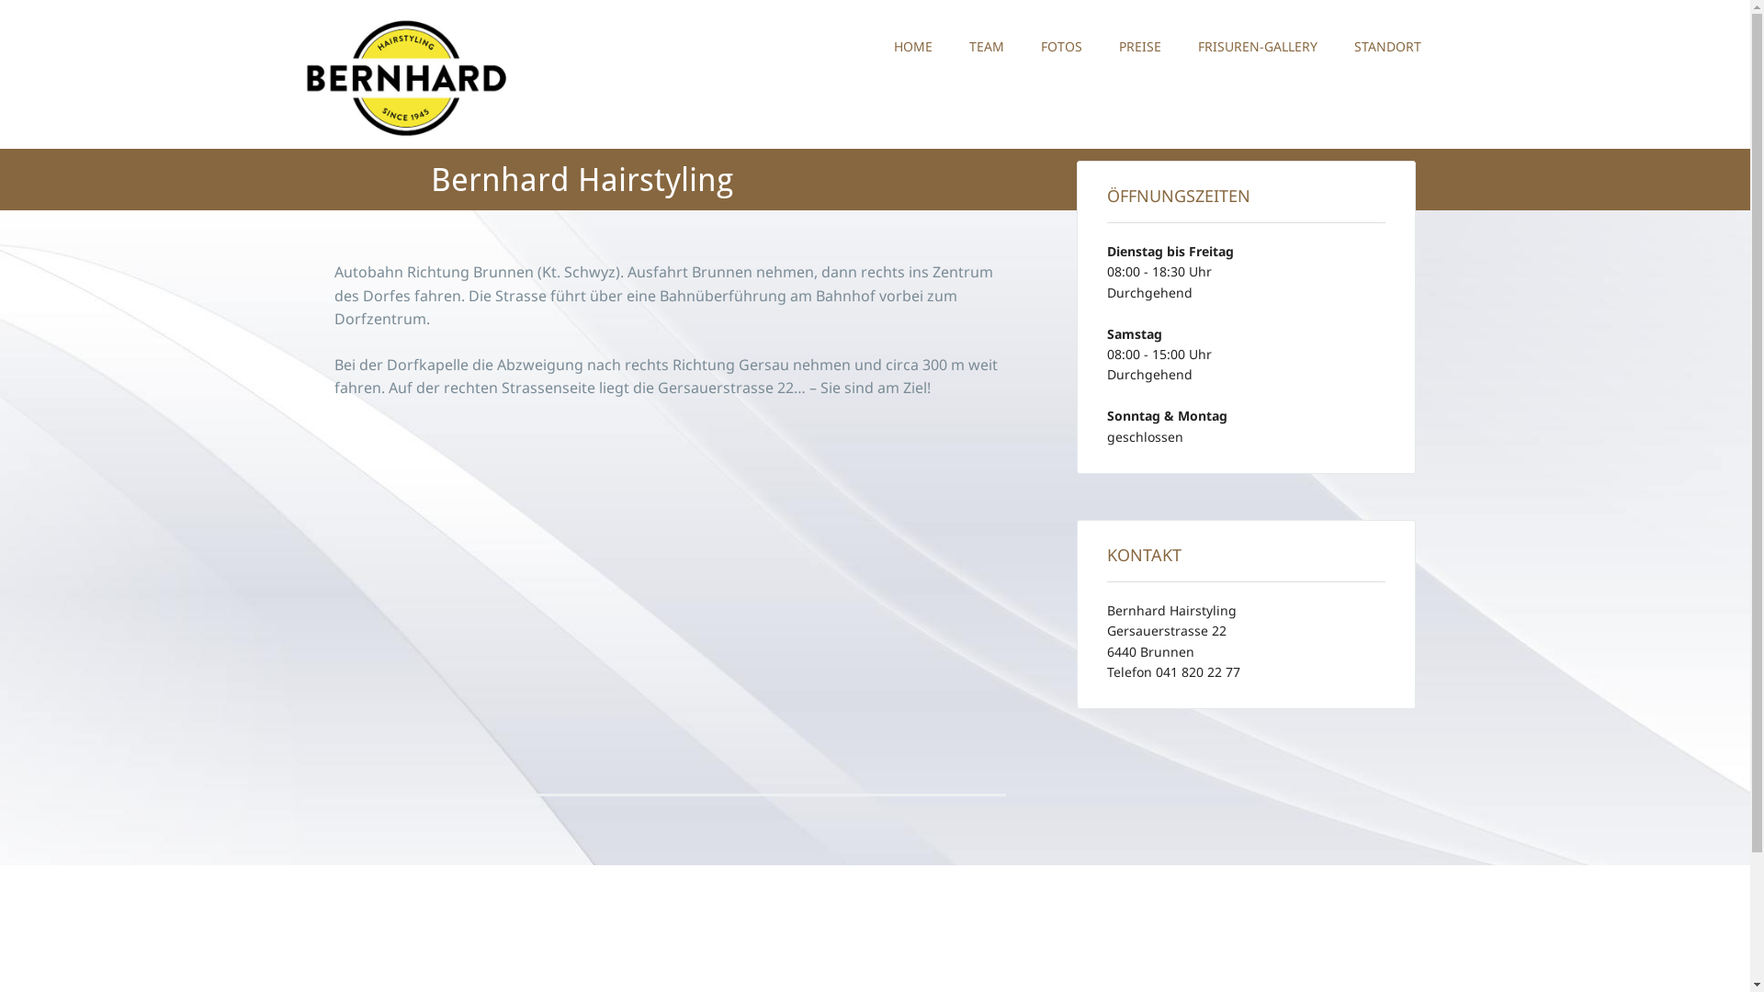 This screenshot has width=1764, height=992. Describe the element at coordinates (949, 45) in the screenshot. I see `'TEAM'` at that location.